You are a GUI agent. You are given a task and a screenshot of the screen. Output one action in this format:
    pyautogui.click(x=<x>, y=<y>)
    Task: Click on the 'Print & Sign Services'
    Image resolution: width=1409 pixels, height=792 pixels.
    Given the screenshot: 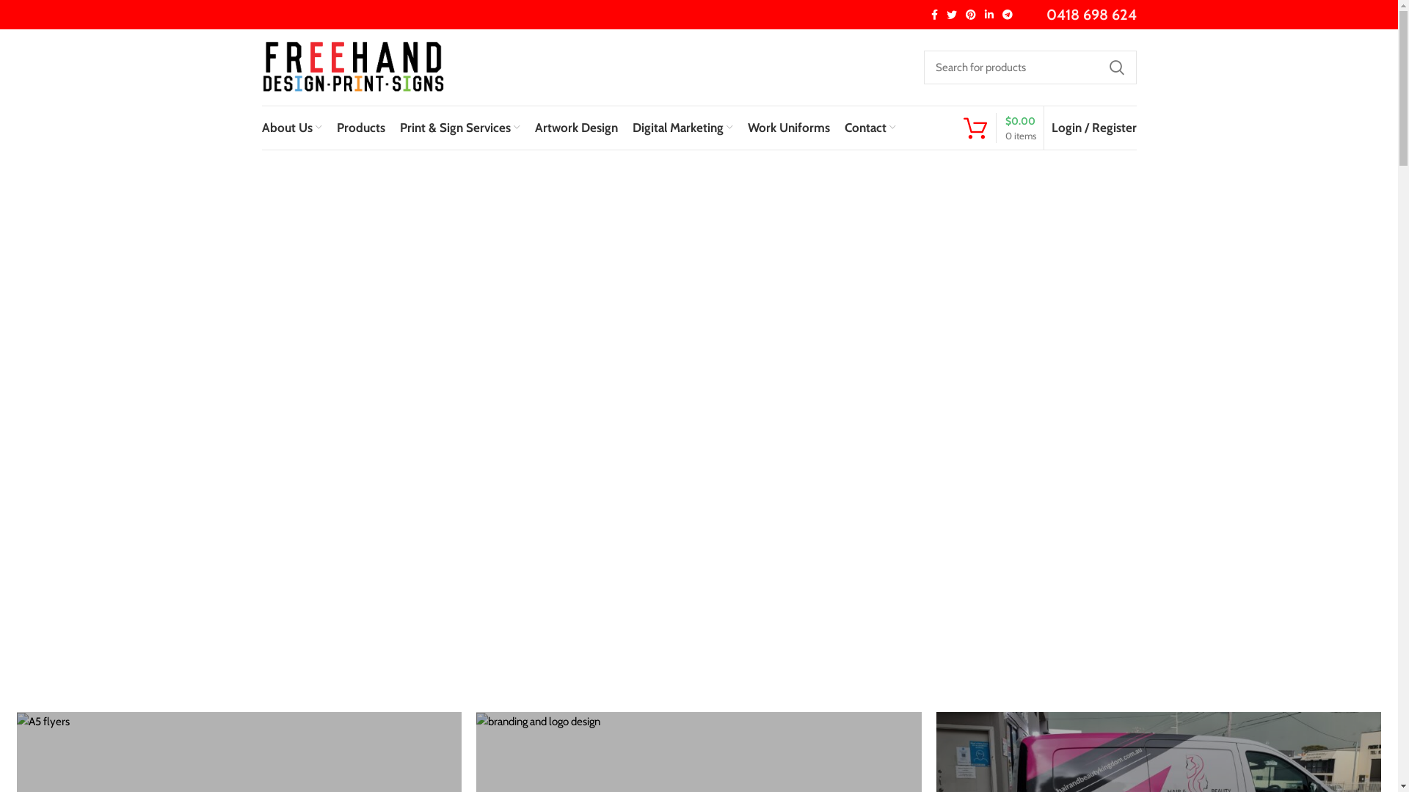 What is the action you would take?
    pyautogui.click(x=391, y=126)
    